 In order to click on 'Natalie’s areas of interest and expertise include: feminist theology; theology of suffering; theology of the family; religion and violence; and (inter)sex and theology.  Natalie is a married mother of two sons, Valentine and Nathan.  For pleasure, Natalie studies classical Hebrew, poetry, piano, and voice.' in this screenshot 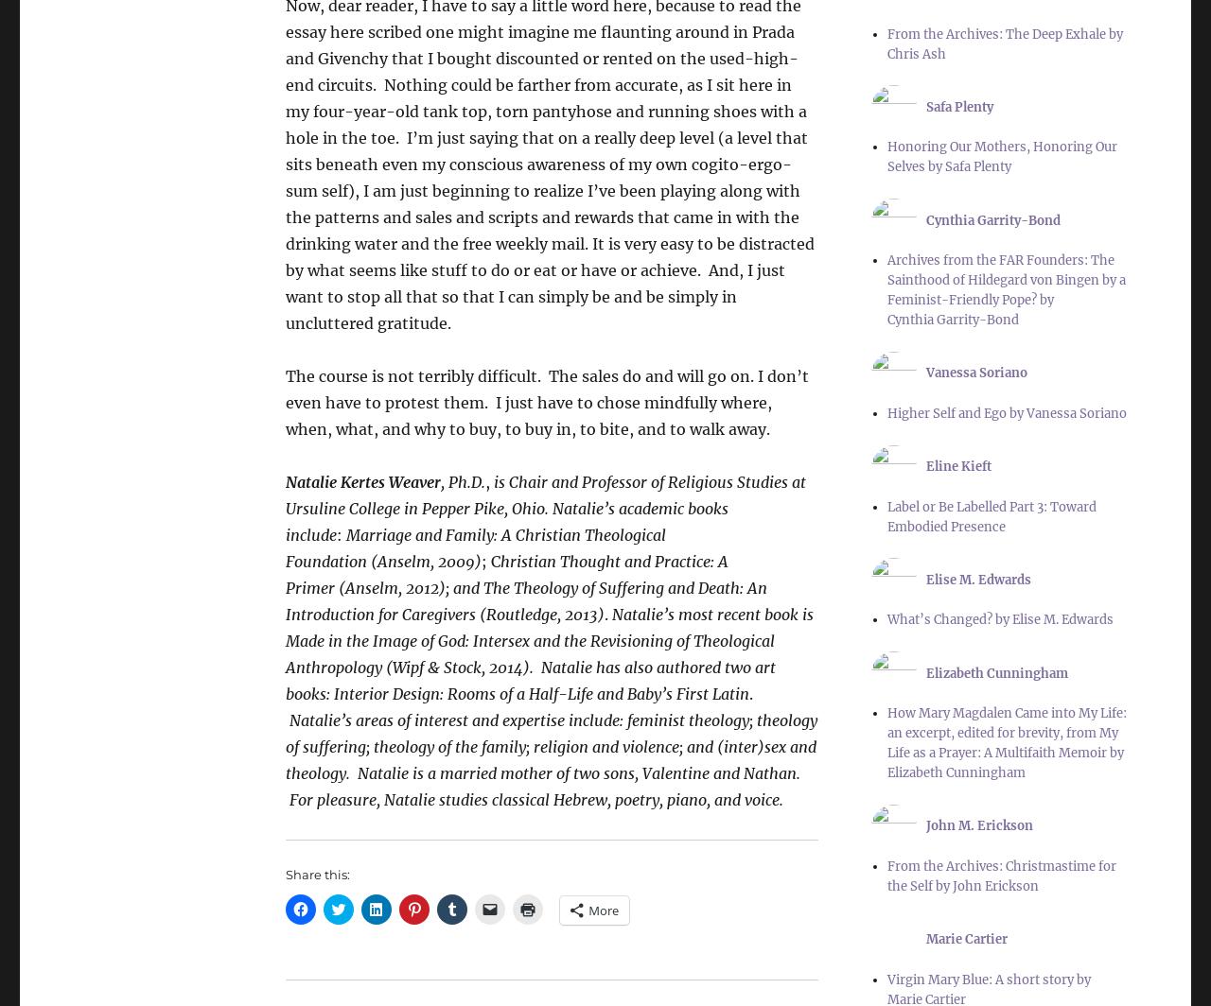, I will do `click(284, 759)`.